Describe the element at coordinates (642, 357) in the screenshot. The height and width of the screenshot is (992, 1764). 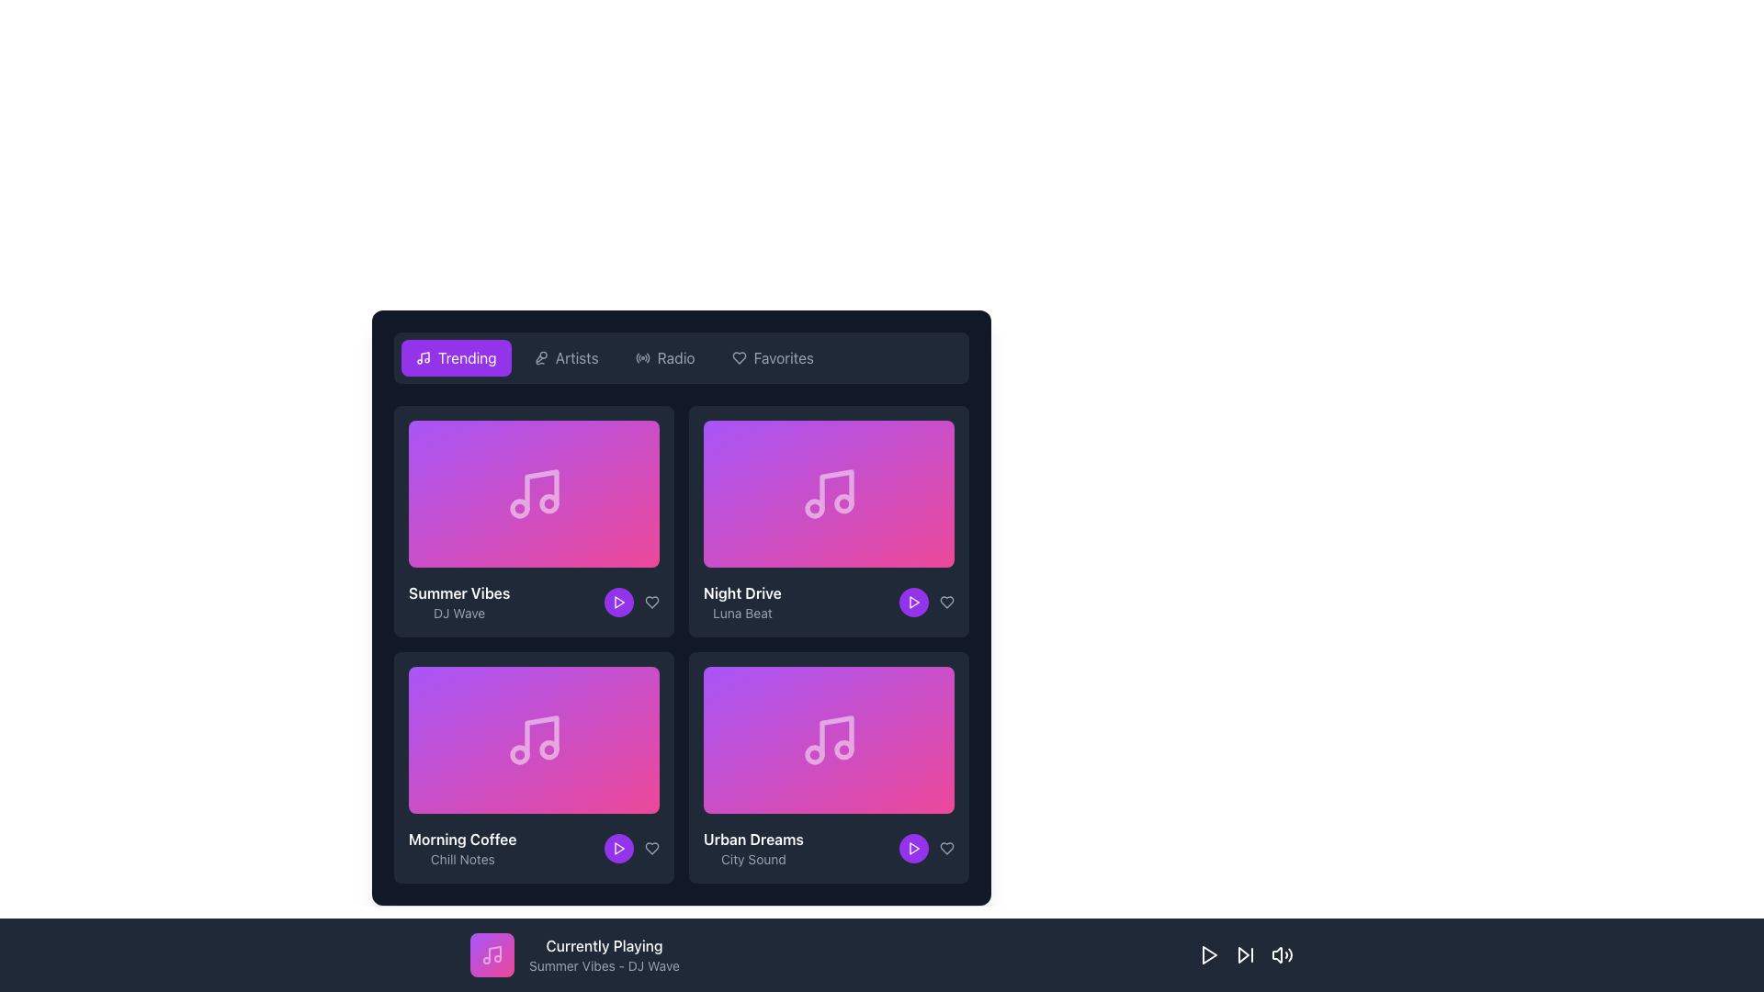
I see `the small circular radio signal icon located to the left of the 'Radio' text` at that location.